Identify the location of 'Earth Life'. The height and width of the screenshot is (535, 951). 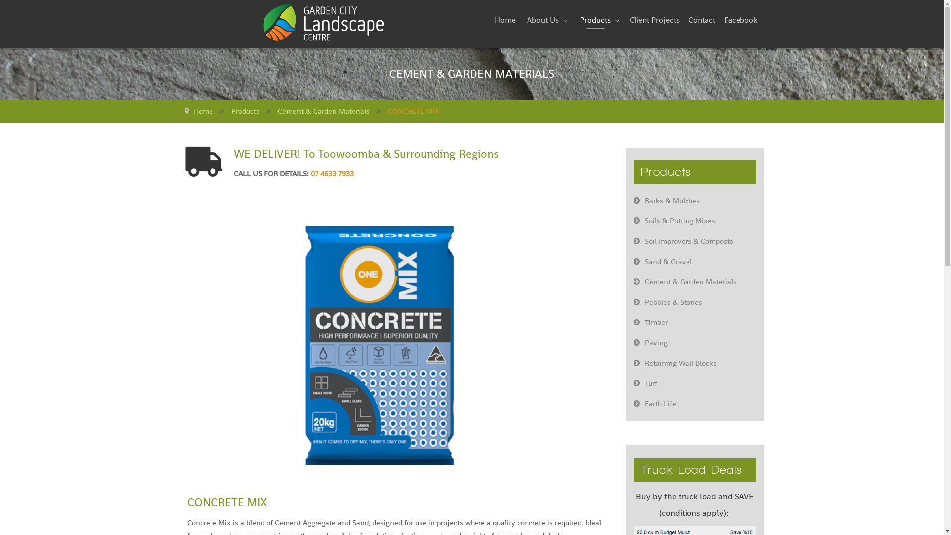
(694, 403).